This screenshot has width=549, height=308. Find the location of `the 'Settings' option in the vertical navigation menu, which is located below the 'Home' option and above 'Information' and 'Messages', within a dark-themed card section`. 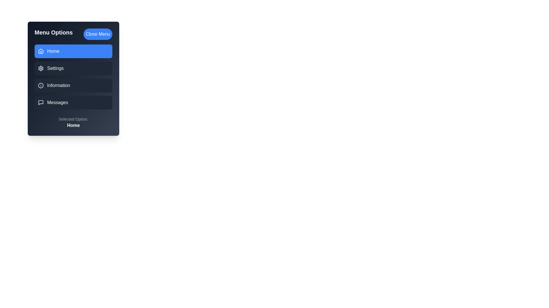

the 'Settings' option in the vertical navigation menu, which is located below the 'Home' option and above 'Information' and 'Messages', within a dark-themed card section is located at coordinates (73, 77).